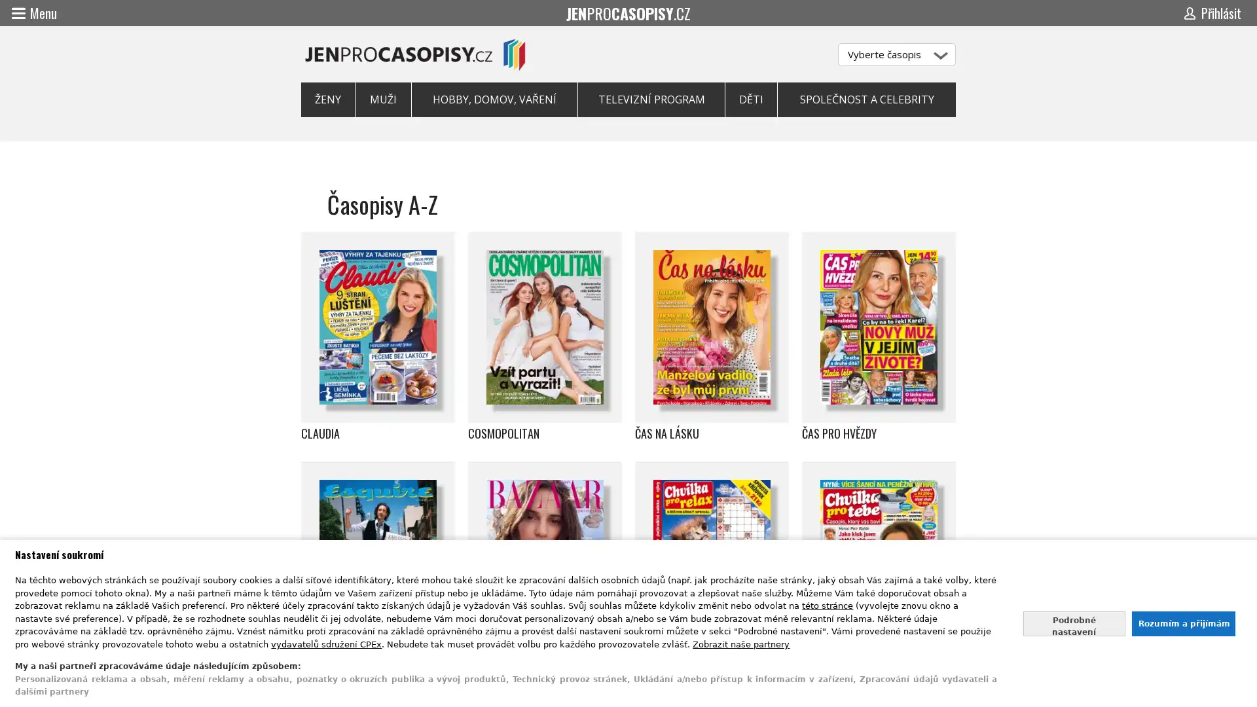  What do you see at coordinates (741, 643) in the screenshot?
I see `Zobrazit nase partnery` at bounding box center [741, 643].